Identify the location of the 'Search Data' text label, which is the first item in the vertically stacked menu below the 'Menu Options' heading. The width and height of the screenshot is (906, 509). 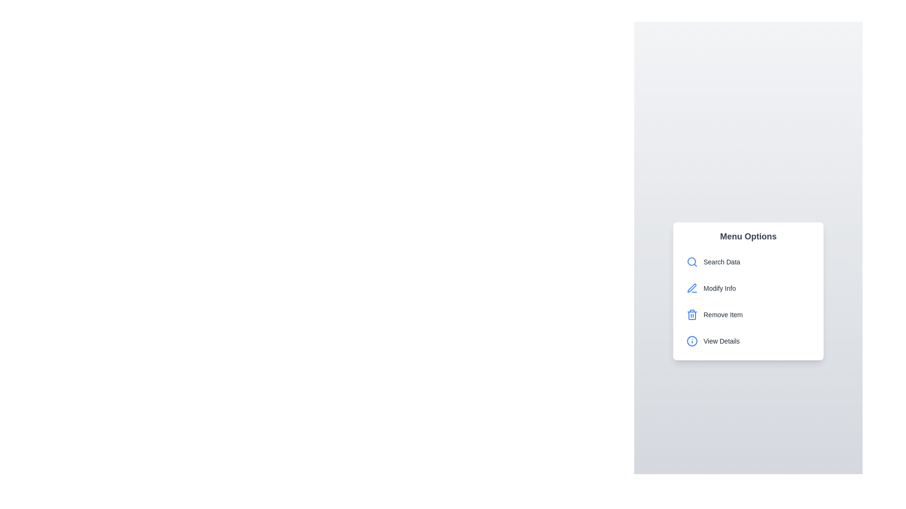
(721, 262).